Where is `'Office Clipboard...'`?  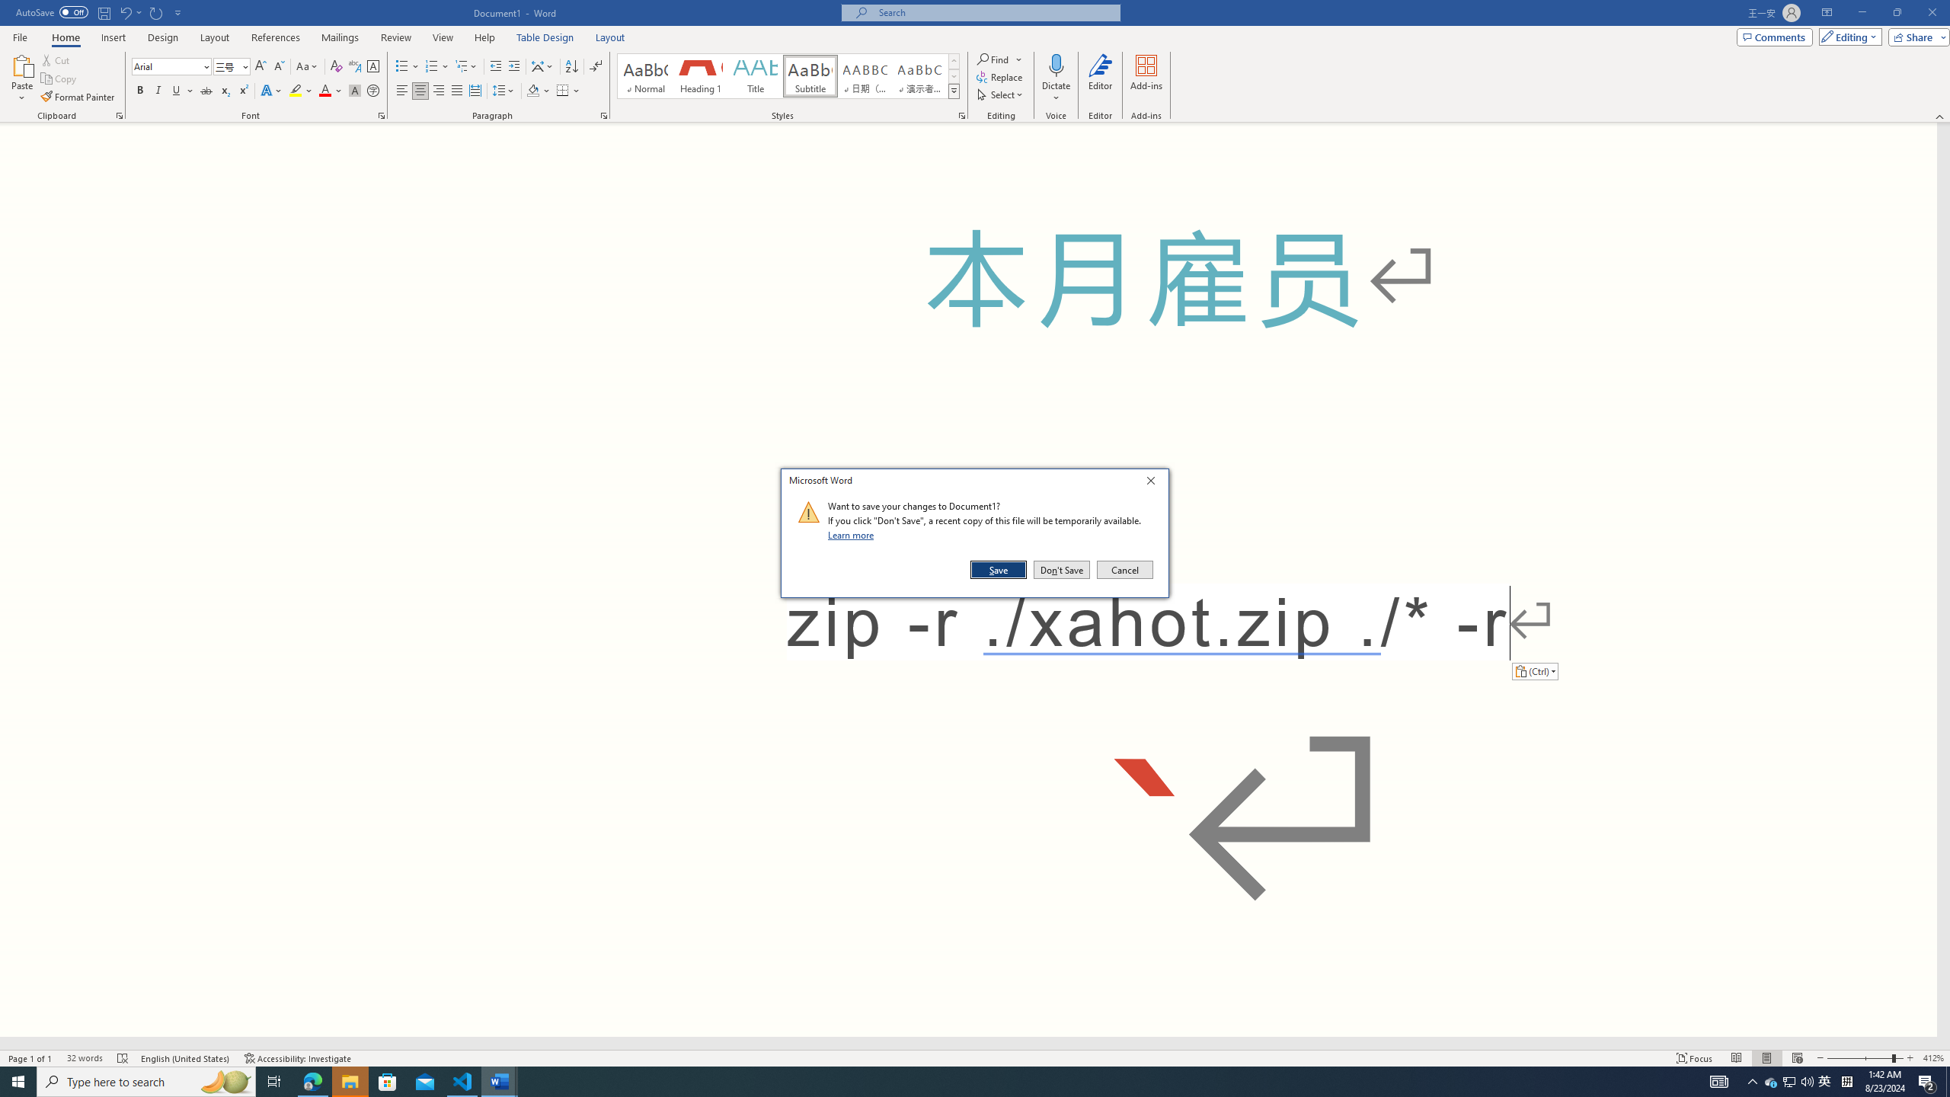
'Office Clipboard...' is located at coordinates (118, 114).